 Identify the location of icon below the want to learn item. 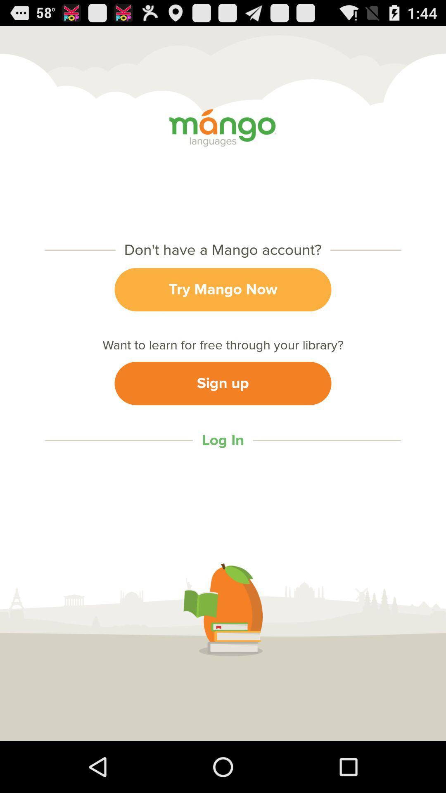
(223, 383).